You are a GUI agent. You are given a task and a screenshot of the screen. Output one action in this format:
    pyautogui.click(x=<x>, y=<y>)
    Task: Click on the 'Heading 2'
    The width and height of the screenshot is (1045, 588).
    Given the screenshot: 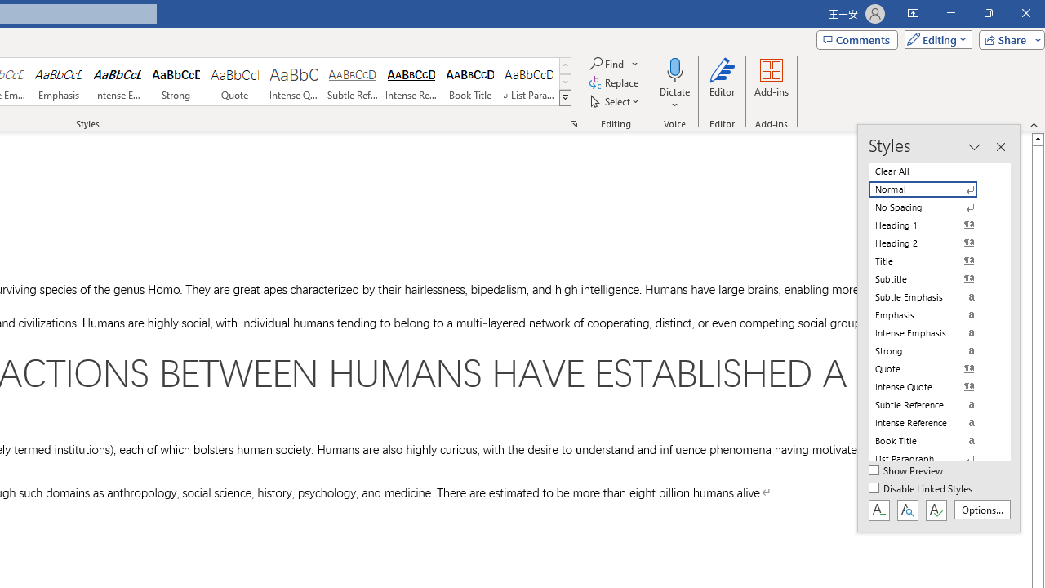 What is the action you would take?
    pyautogui.click(x=932, y=243)
    